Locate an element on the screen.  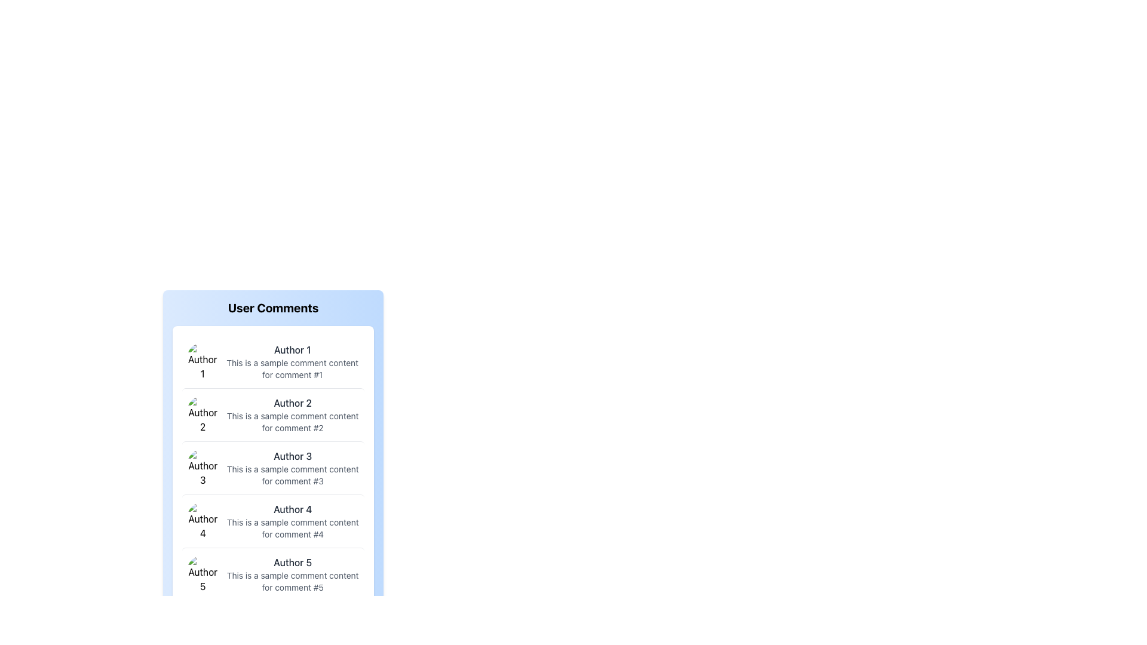
the circular profile picture placeholder for 'Author 2' in the comments list is located at coordinates (203, 414).